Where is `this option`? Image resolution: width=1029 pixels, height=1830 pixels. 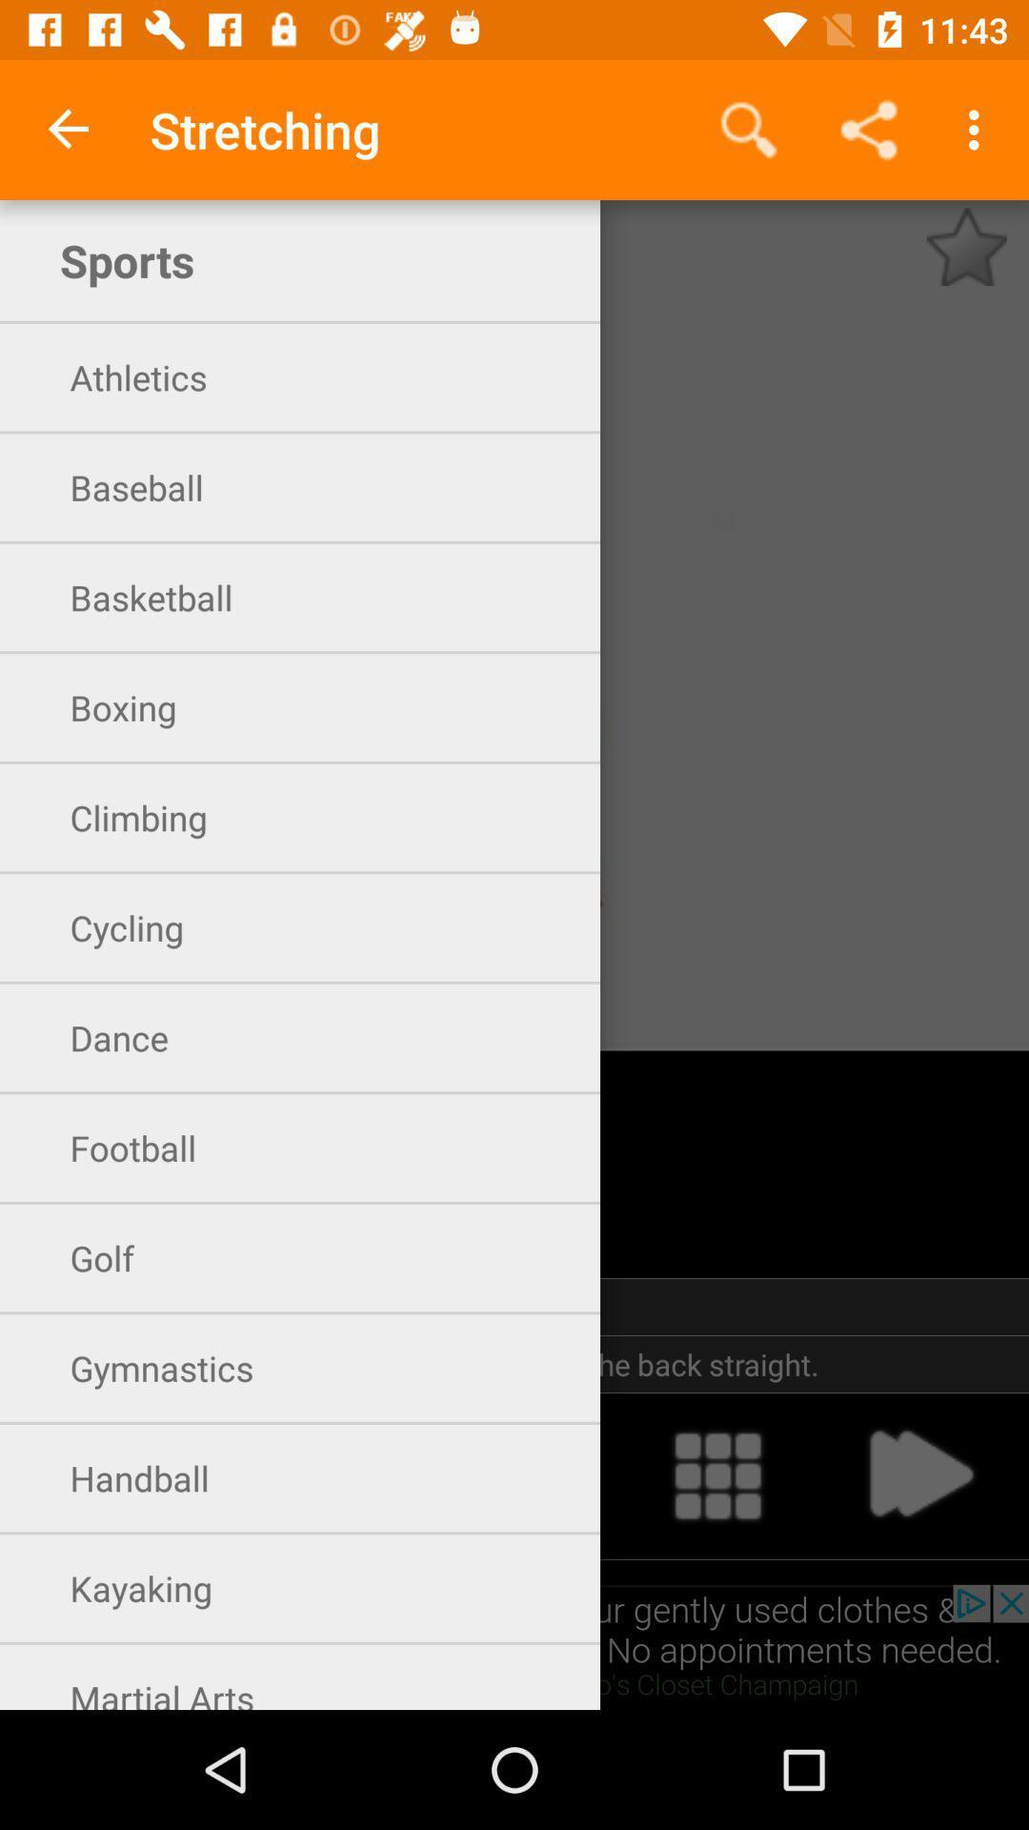 this option is located at coordinates (109, 1474).